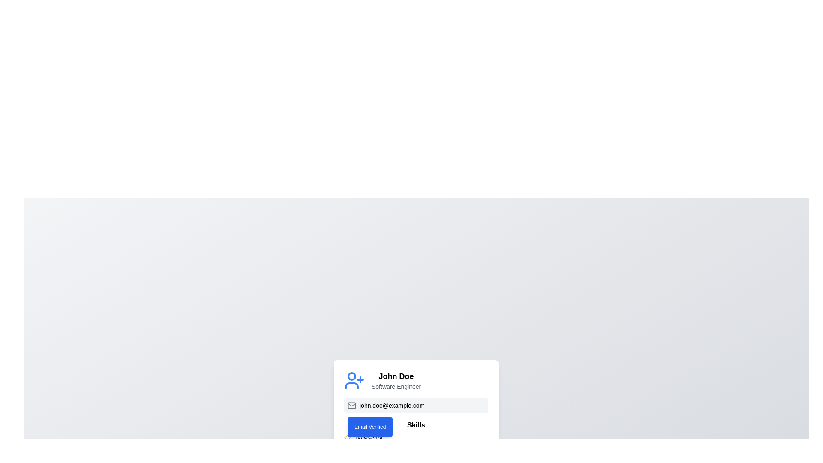  Describe the element at coordinates (351, 405) in the screenshot. I see `the small light gray envelope icon located at the far left of the element containing the text 'john.doe@example.com' and the blue button labeled 'Email Verified'` at that location.